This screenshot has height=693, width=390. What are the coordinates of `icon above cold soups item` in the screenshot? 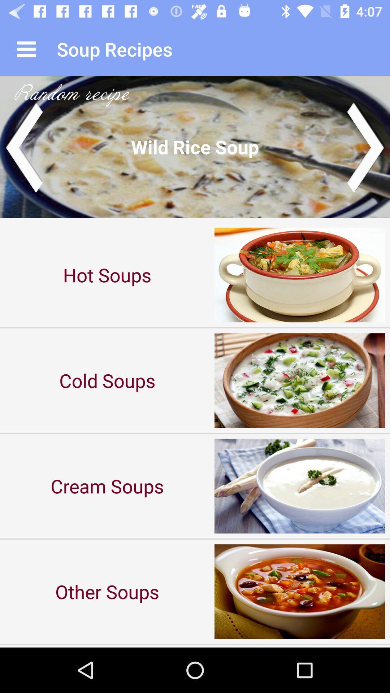 It's located at (107, 274).